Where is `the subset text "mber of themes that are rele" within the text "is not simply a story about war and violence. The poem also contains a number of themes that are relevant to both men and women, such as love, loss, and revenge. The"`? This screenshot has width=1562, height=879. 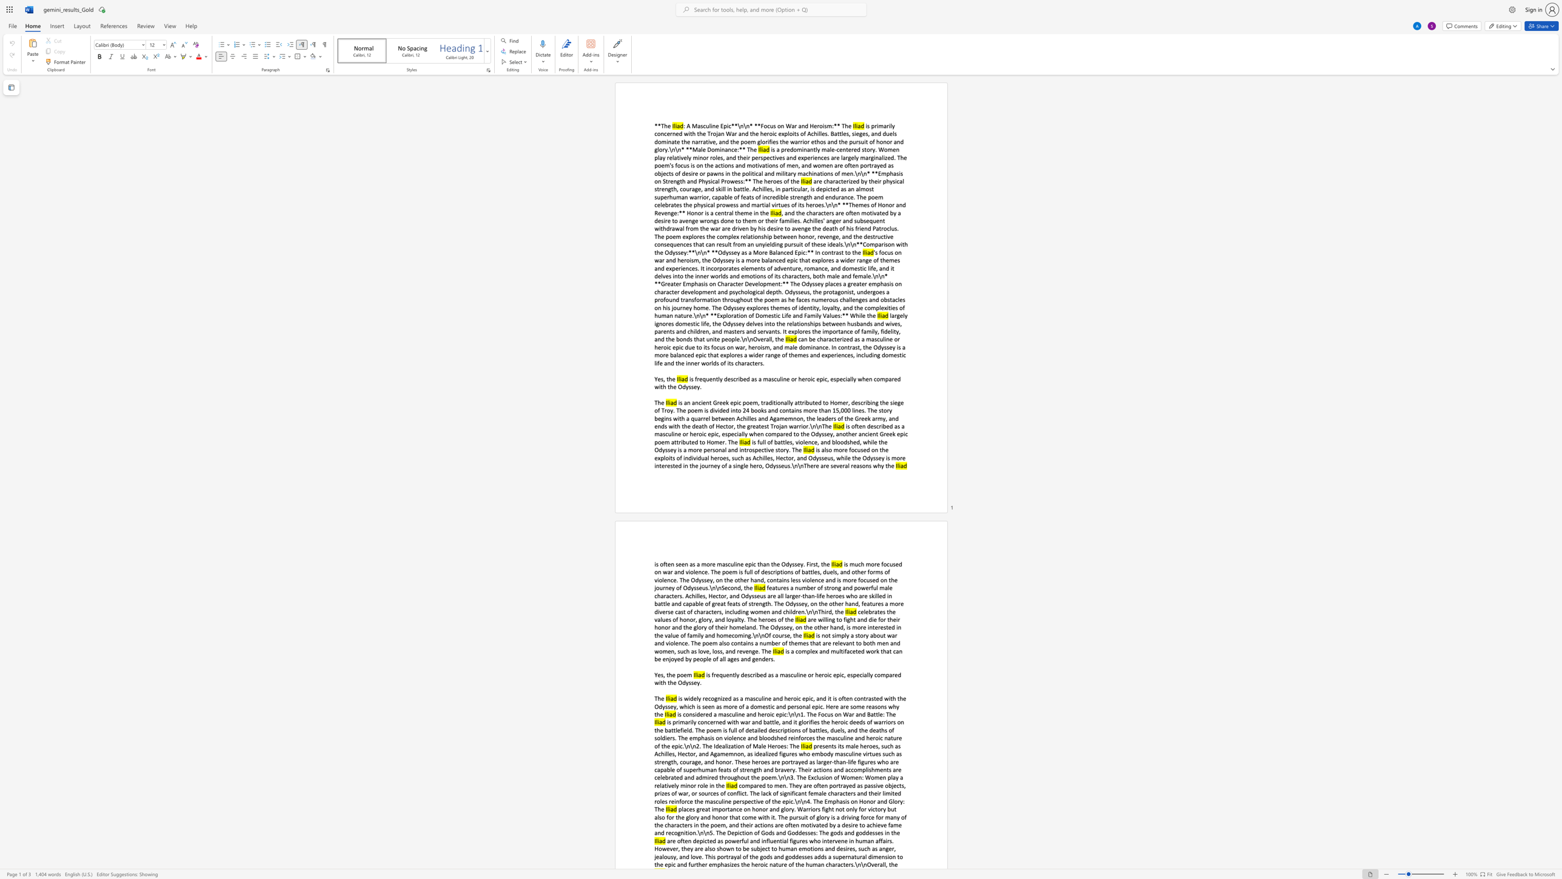 the subset text "mber of themes that are rele" within the text "is not simply a story about war and violence. The poem also contains a number of themes that are relevant to both men and women, such as love, loss, and revenge. The" is located at coordinates (766, 642).